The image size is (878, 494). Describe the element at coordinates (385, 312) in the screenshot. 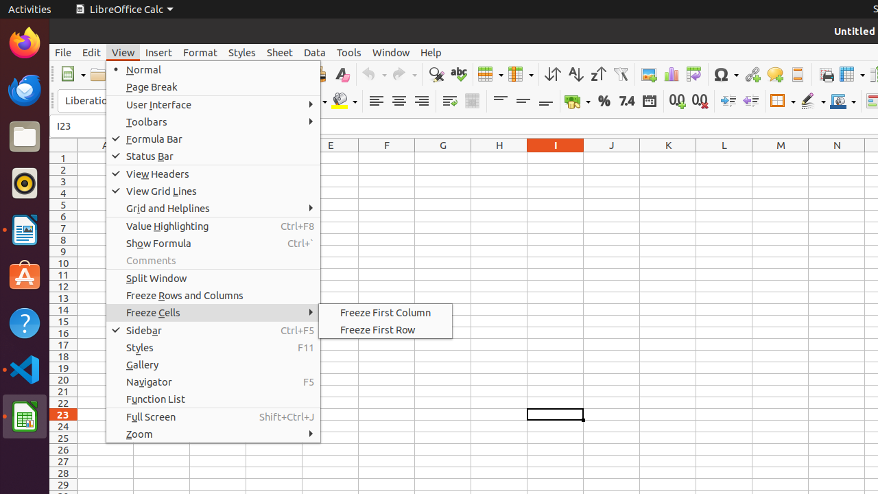

I see `'Freeze First Column'` at that location.